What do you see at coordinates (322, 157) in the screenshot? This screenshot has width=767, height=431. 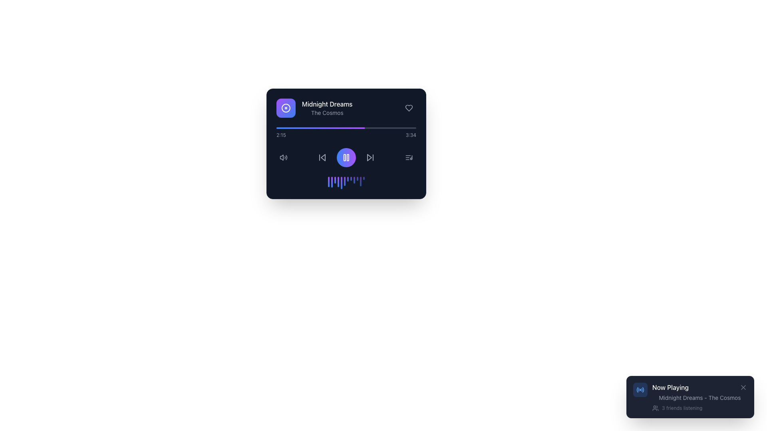 I see `the backward skip control button, which is a gray button with a triangular symbol pointing to the left, located in the bottom section of the audio player interface, specifically positioned between the sound control icon and the play/pause button, to skip to the previous track` at bounding box center [322, 157].